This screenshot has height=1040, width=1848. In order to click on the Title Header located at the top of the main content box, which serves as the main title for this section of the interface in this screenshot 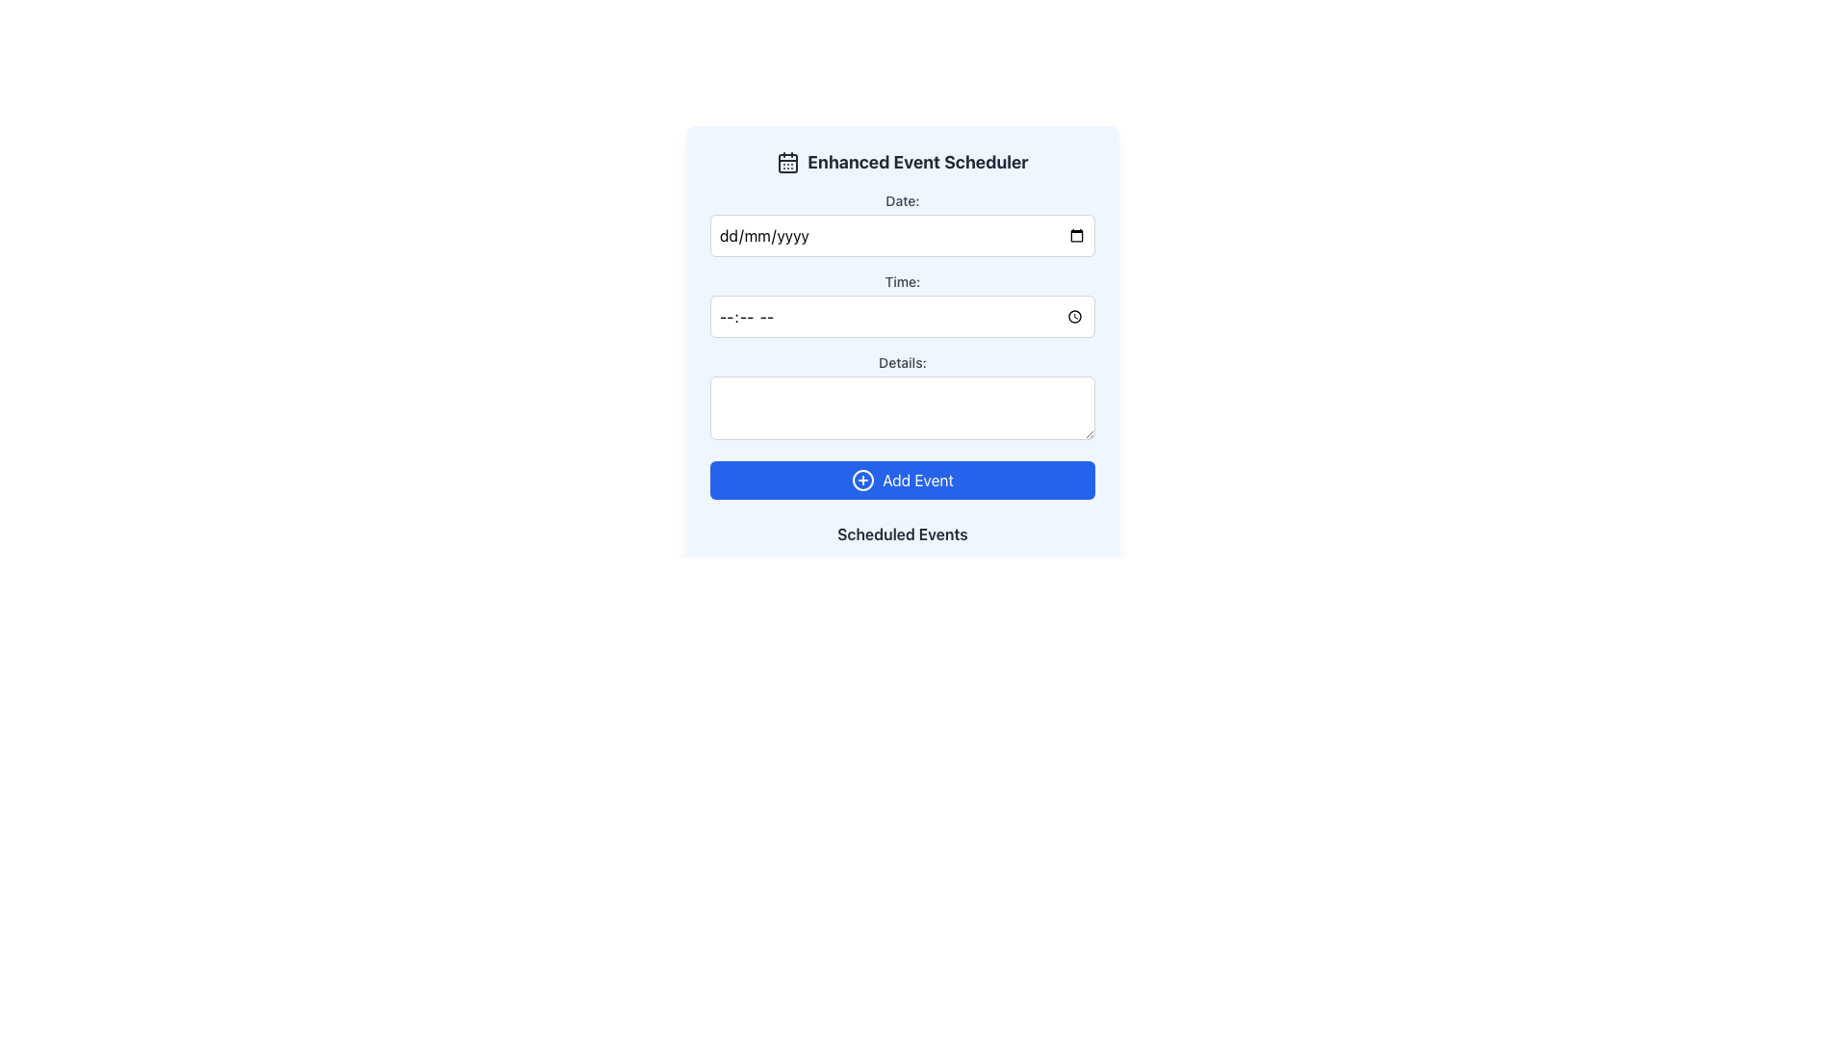, I will do `click(901, 162)`.